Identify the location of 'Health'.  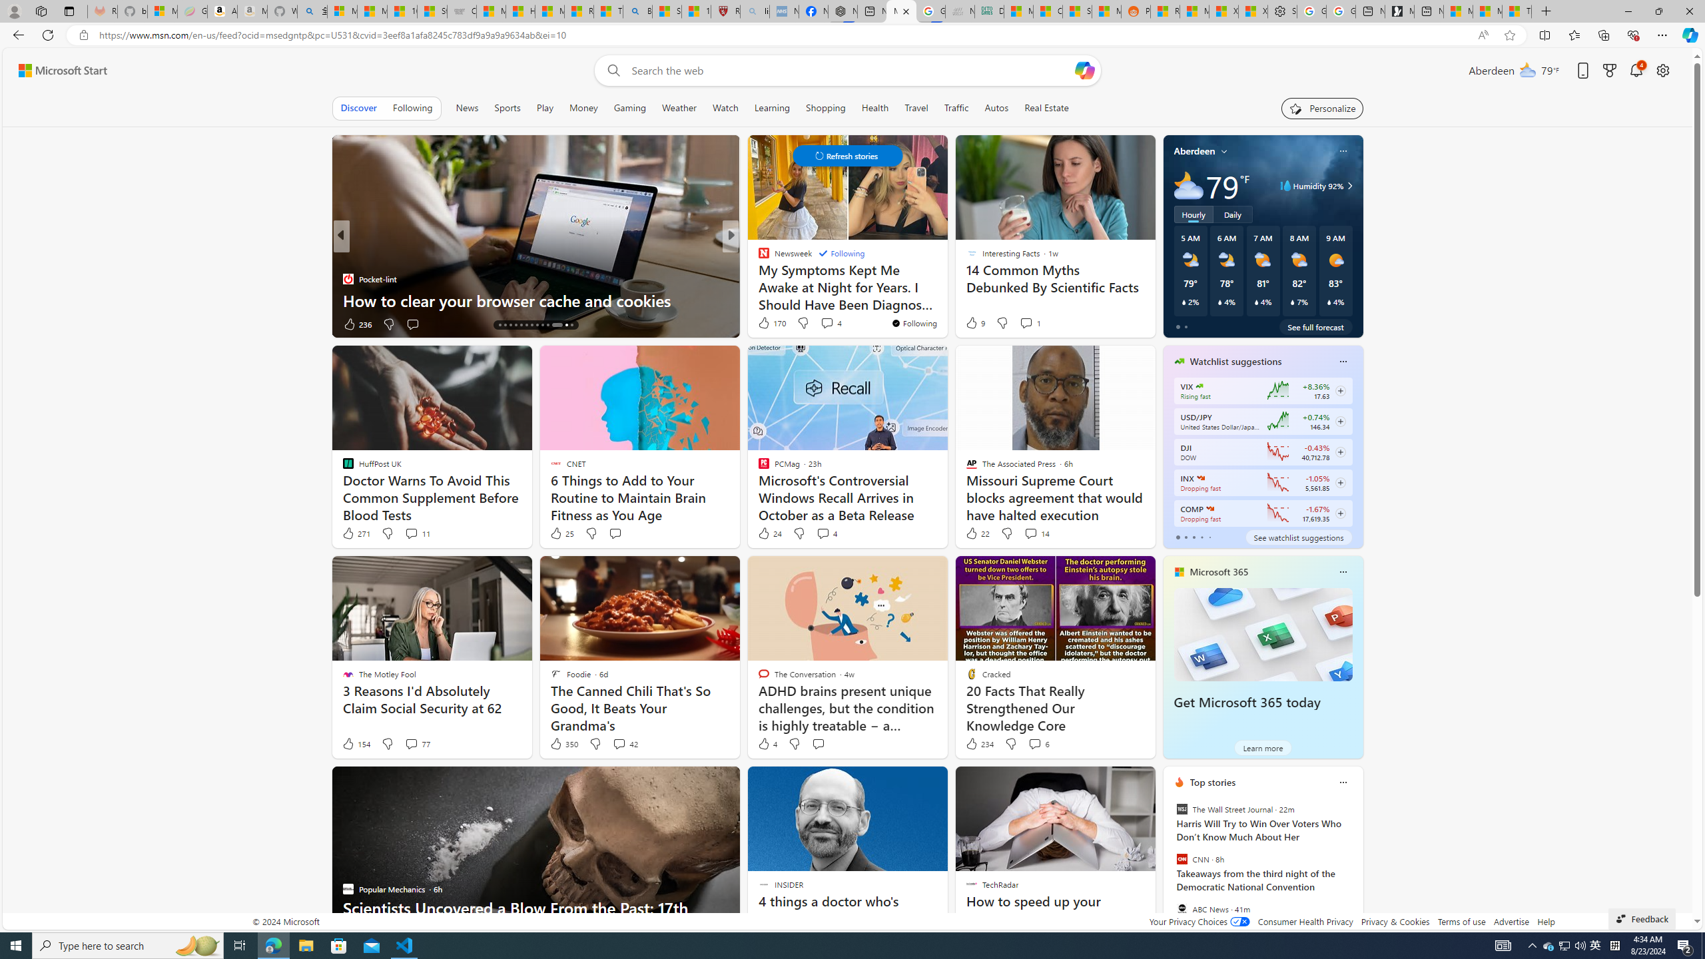
(874, 107).